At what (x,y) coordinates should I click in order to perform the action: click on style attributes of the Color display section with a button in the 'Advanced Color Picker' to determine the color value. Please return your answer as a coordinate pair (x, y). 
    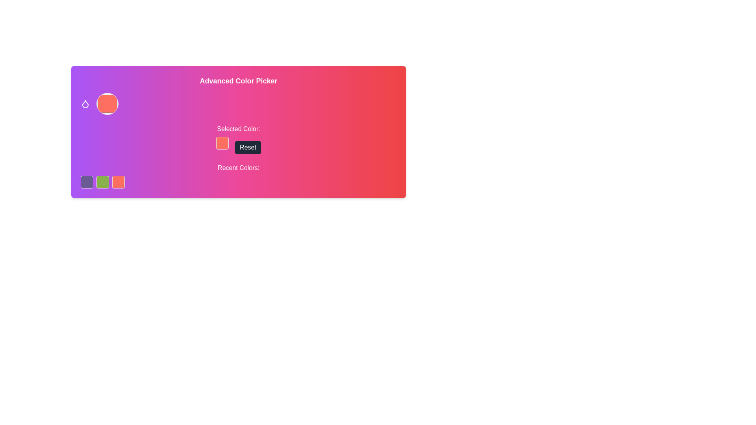
    Looking at the image, I should click on (238, 139).